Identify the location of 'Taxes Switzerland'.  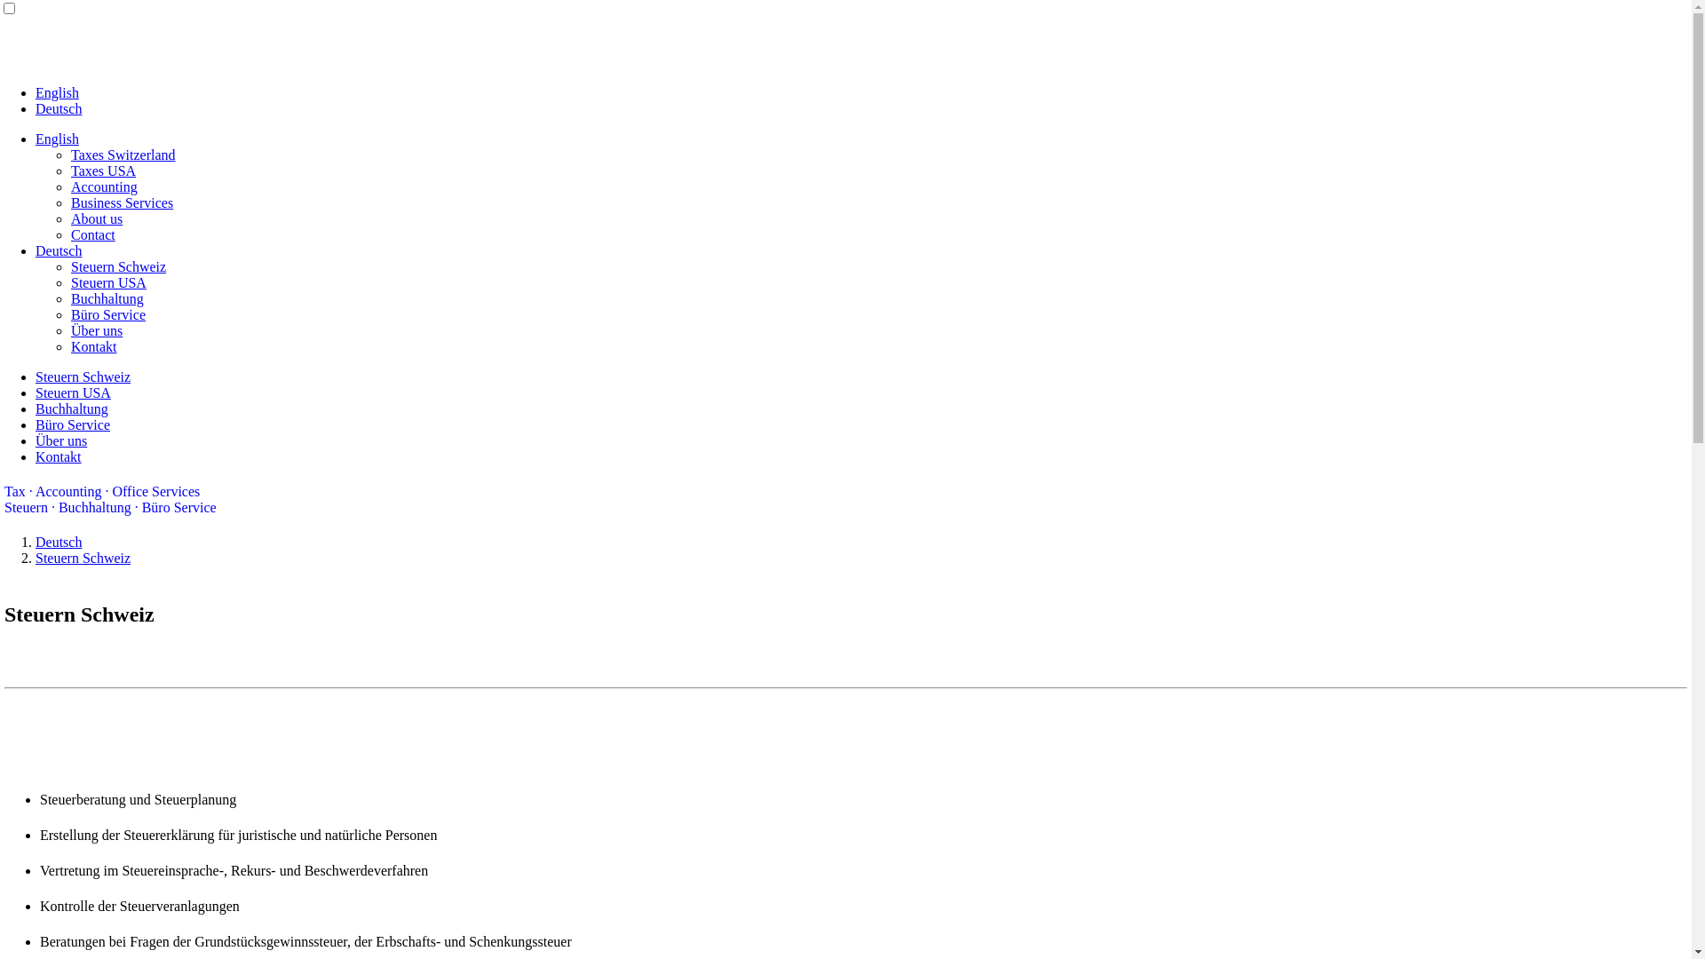
(123, 154).